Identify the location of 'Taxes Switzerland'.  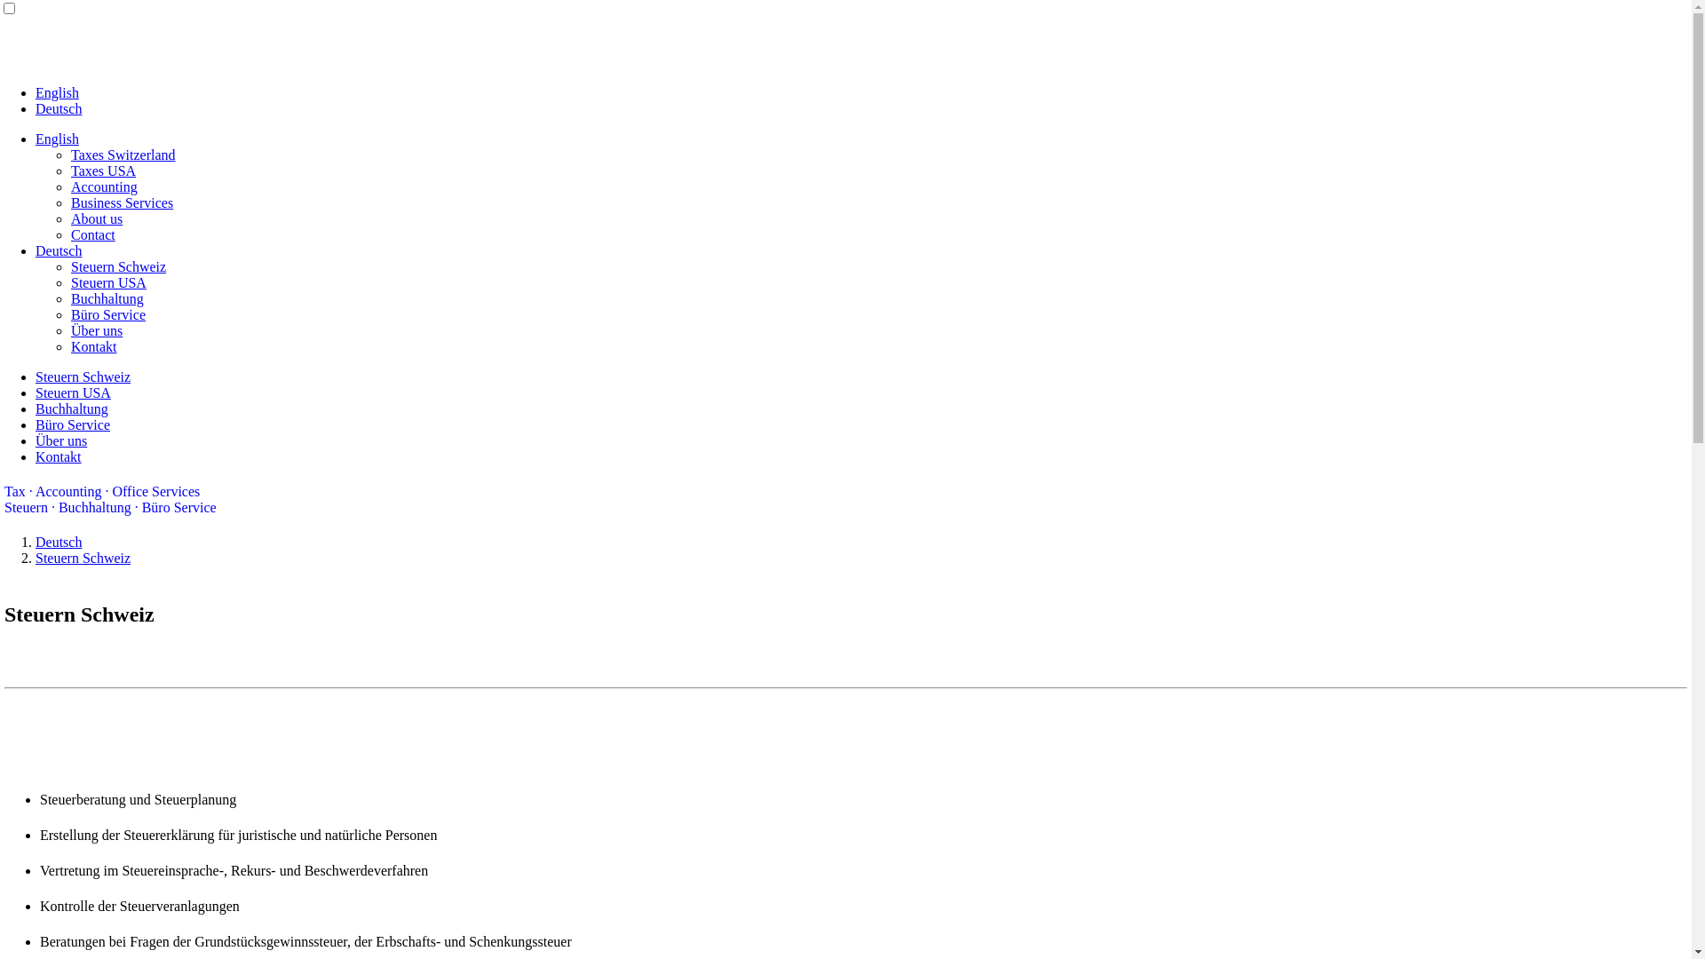
(123, 154).